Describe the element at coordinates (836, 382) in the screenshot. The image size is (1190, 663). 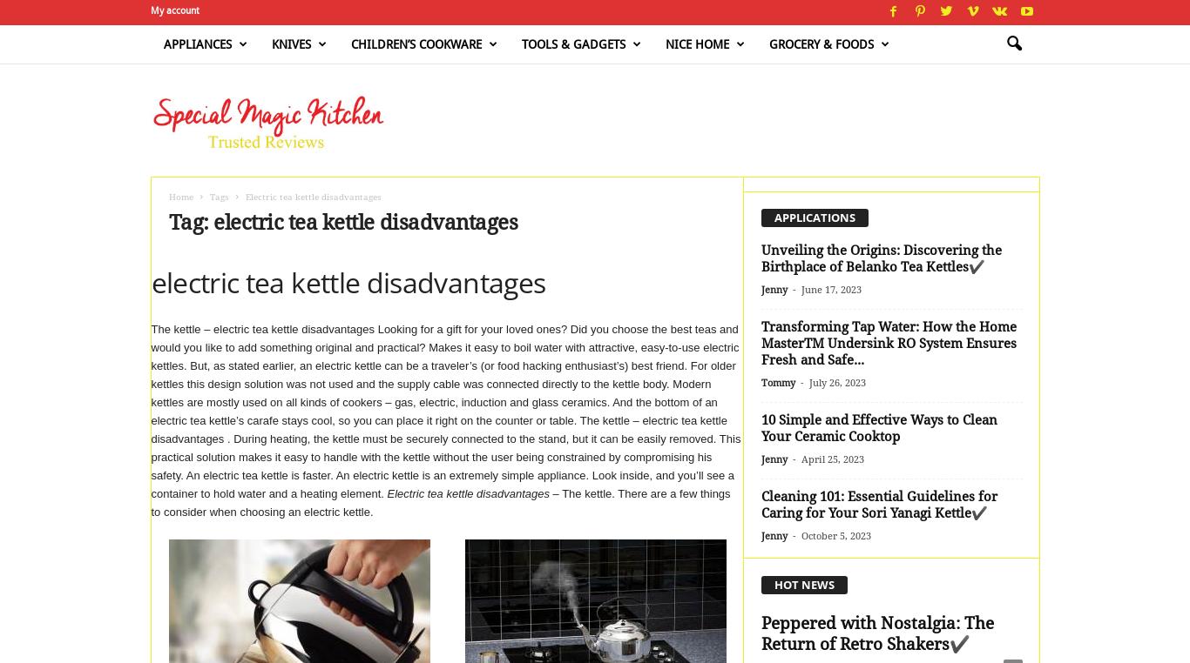
I see `'July 26, 2023'` at that location.